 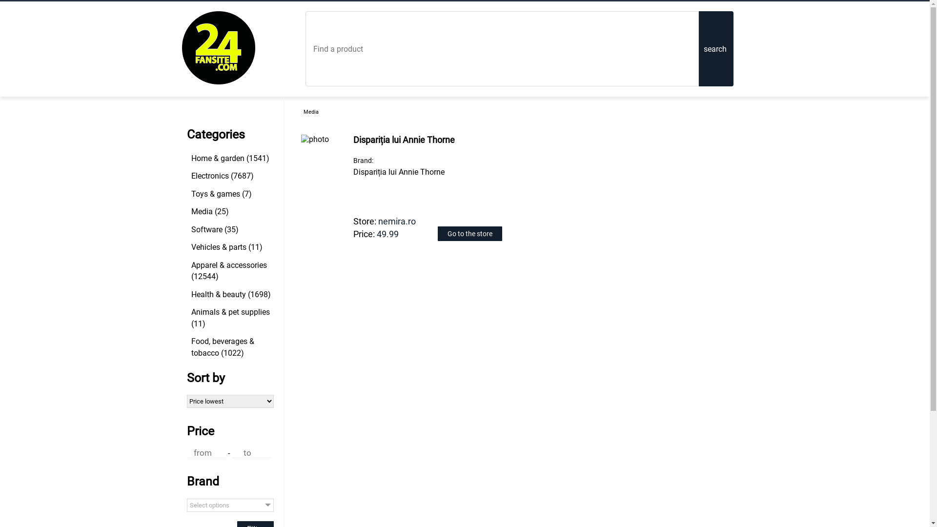 I want to click on 'Go to the store', so click(x=469, y=233).